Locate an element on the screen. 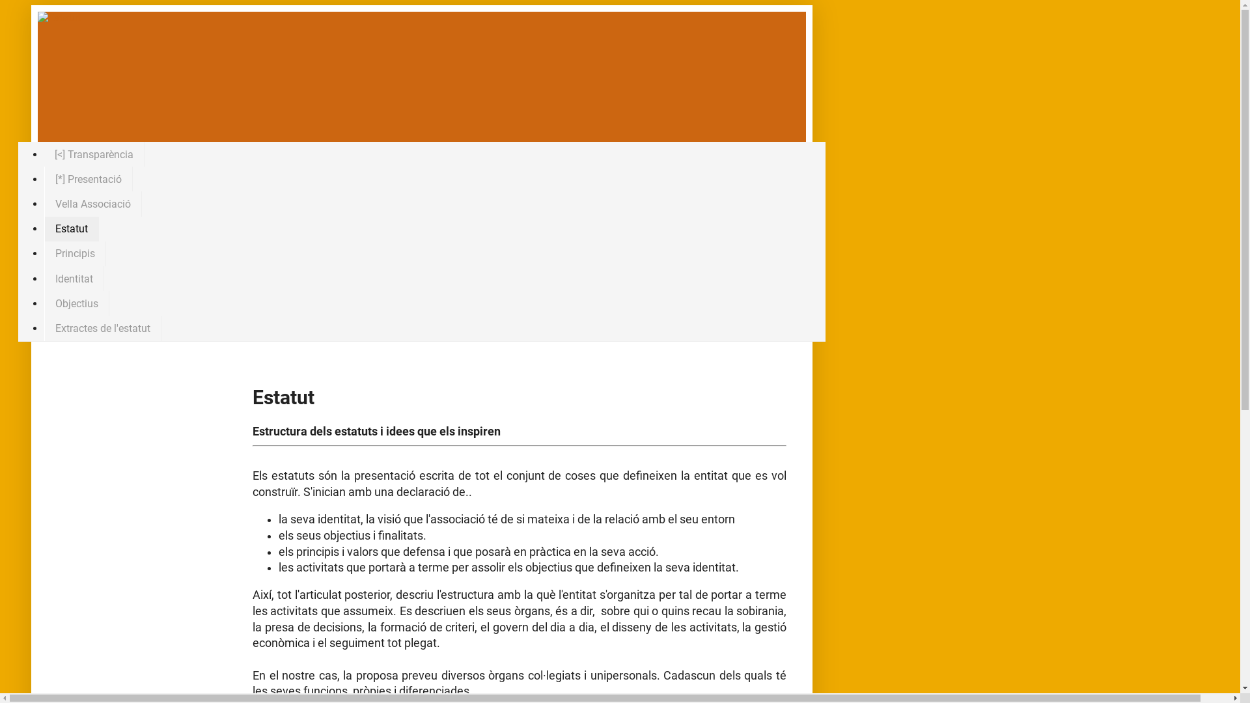 The height and width of the screenshot is (703, 1250). 'Objectius' is located at coordinates (76, 303).